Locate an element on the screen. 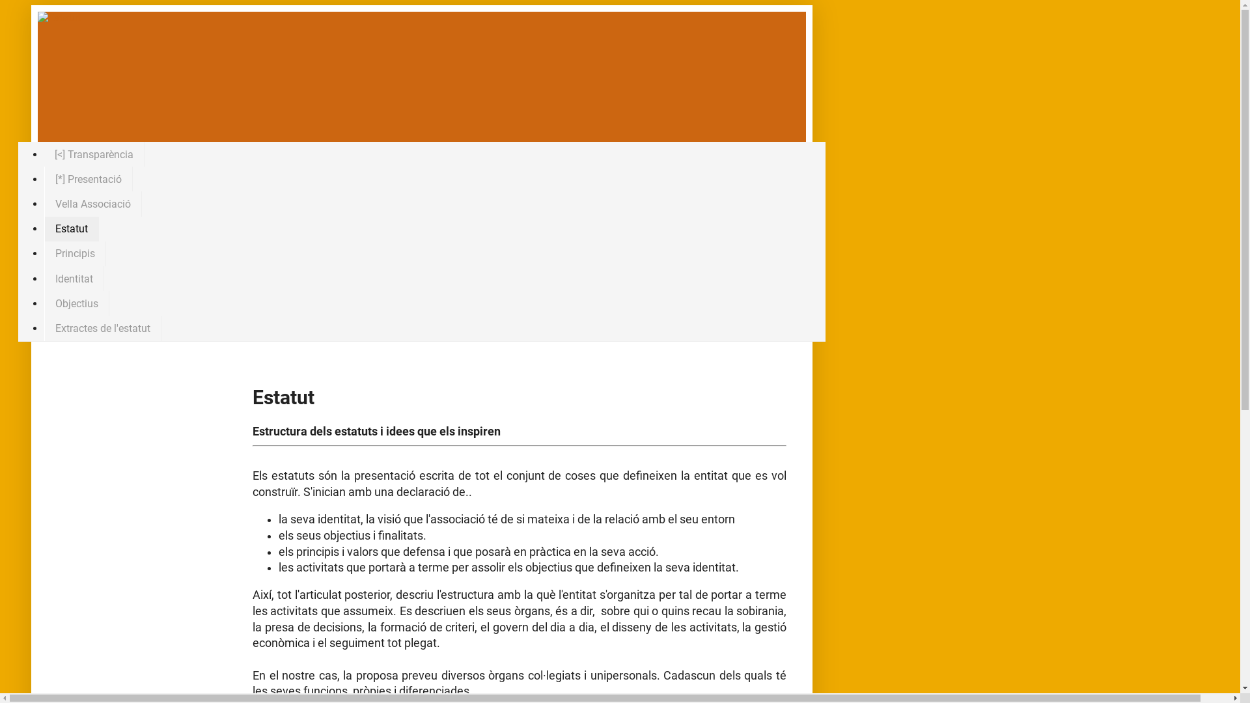 The height and width of the screenshot is (703, 1250). 'Objectius' is located at coordinates (76, 303).